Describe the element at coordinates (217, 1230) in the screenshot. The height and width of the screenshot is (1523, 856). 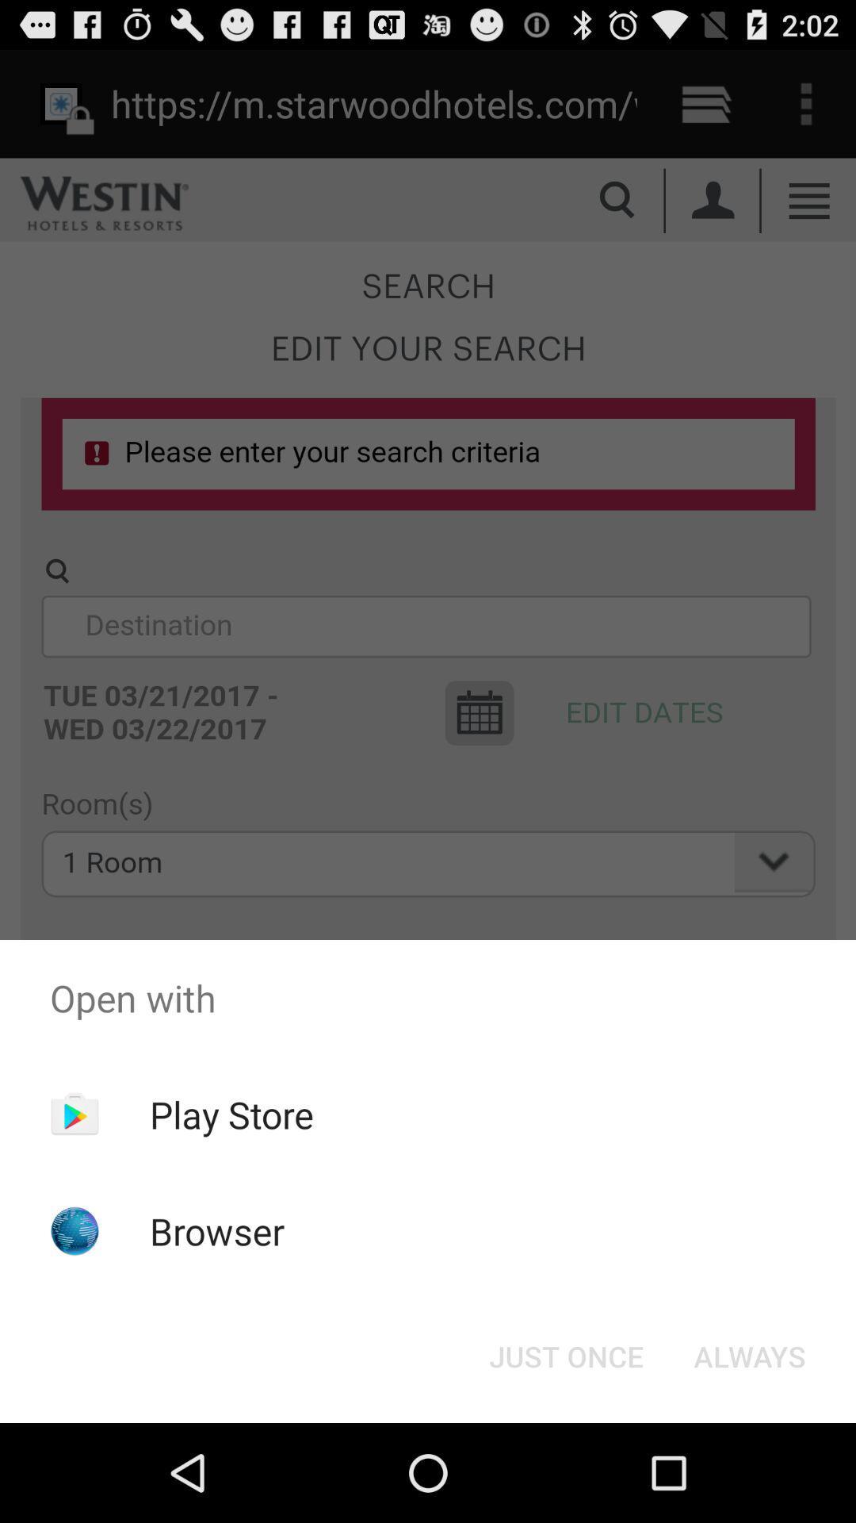
I see `the browser icon` at that location.